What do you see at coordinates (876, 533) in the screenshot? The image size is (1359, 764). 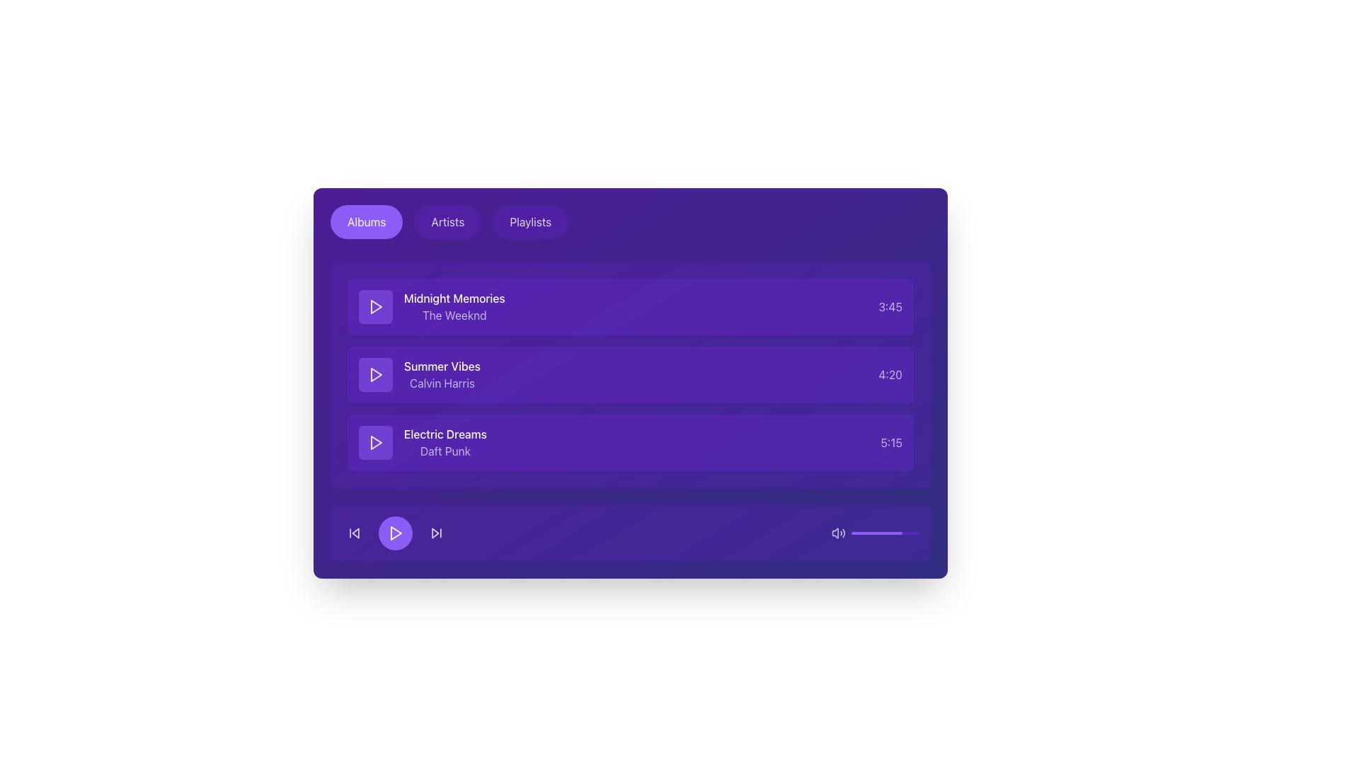 I see `the filled portion of the progress bar indicator, which is a thin, violet gradient bar located at the bottom-right corner of the user interface` at bounding box center [876, 533].